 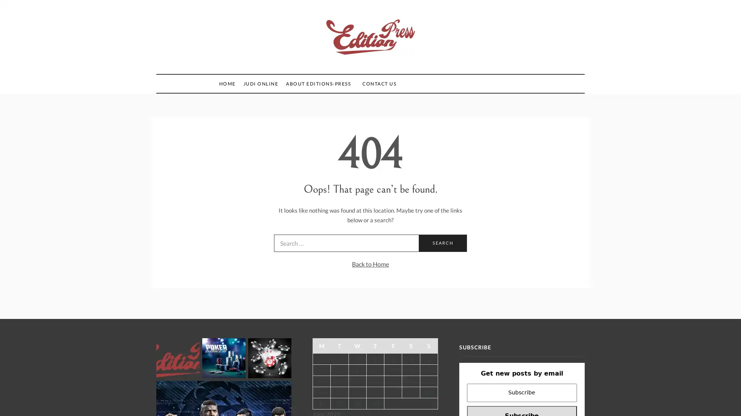 What do you see at coordinates (443, 243) in the screenshot?
I see `Search` at bounding box center [443, 243].